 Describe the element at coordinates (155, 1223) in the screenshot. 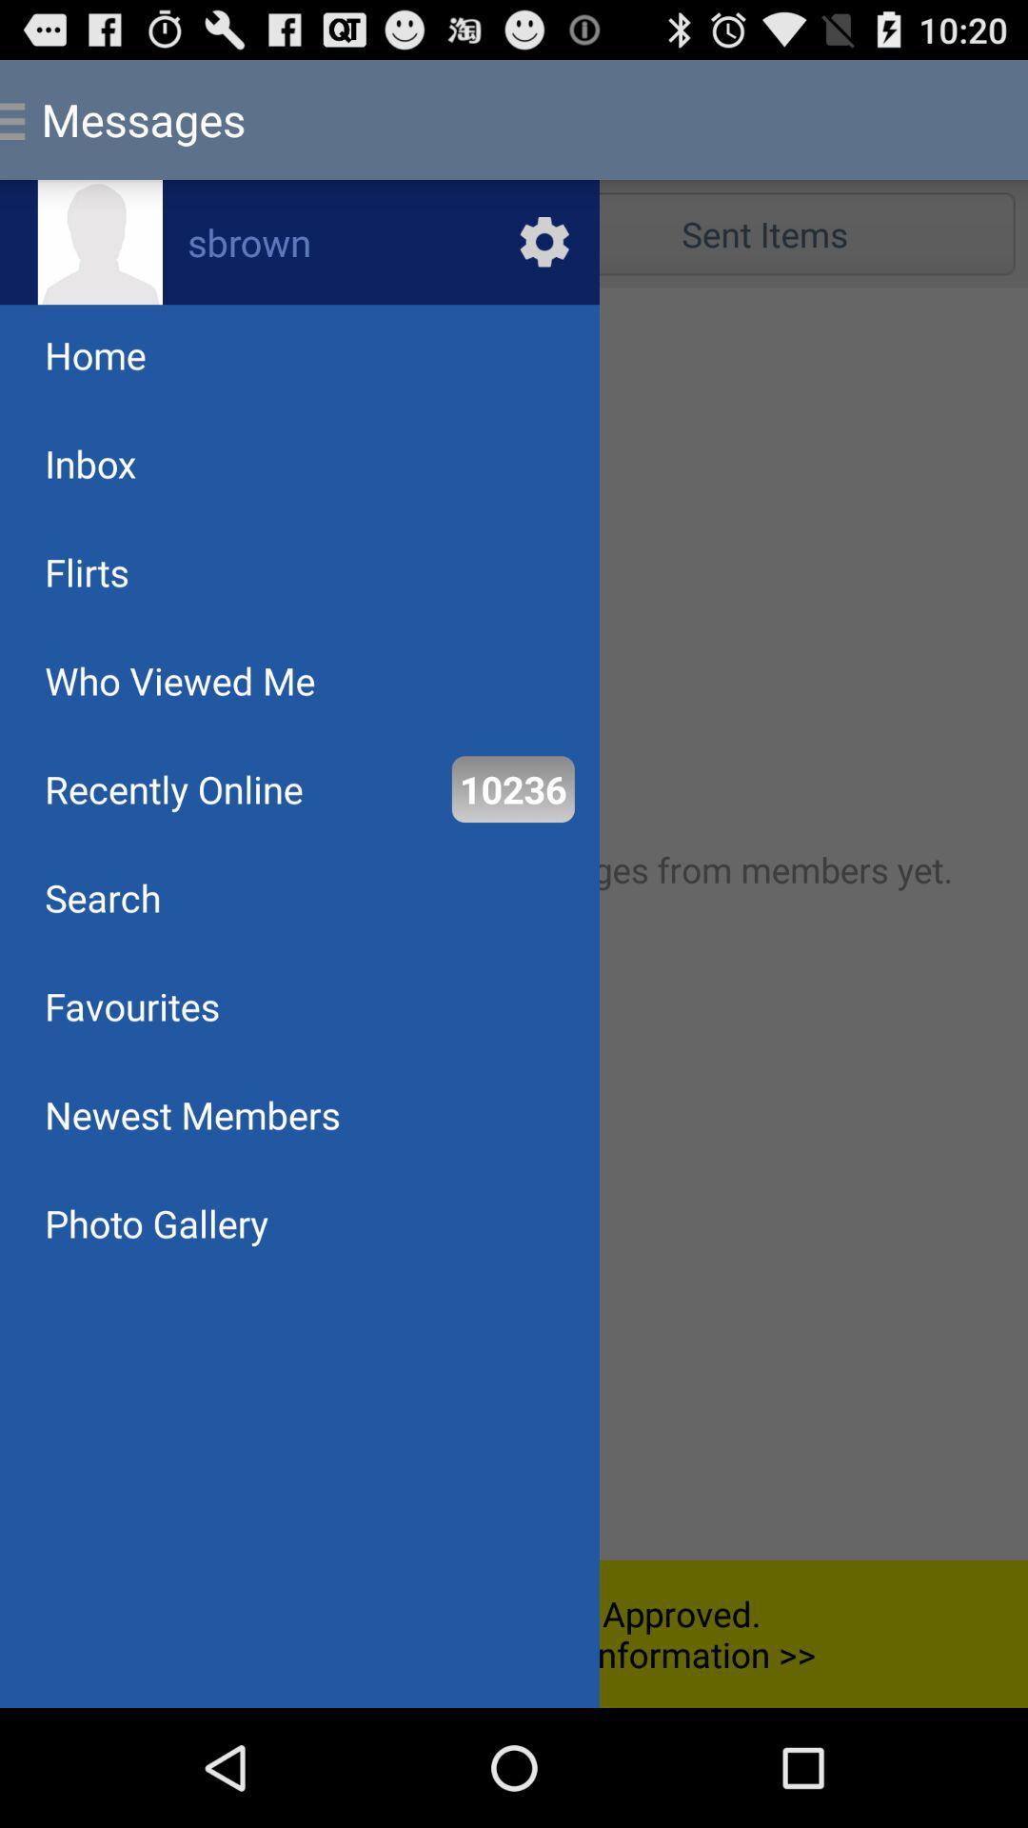

I see `icon above your profile is button` at that location.